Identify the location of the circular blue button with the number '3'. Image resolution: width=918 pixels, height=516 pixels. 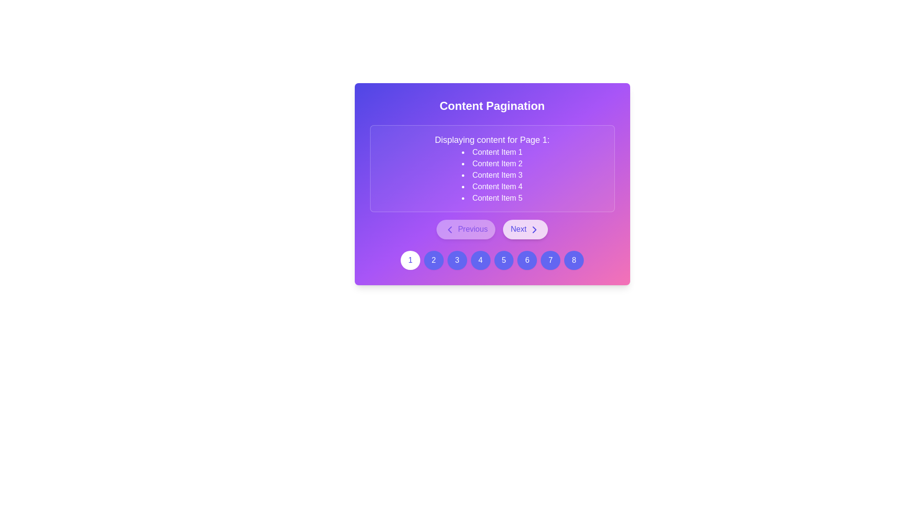
(457, 260).